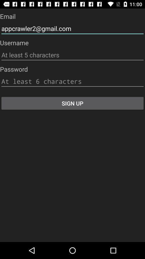 The image size is (145, 259). I want to click on username entry, so click(73, 55).